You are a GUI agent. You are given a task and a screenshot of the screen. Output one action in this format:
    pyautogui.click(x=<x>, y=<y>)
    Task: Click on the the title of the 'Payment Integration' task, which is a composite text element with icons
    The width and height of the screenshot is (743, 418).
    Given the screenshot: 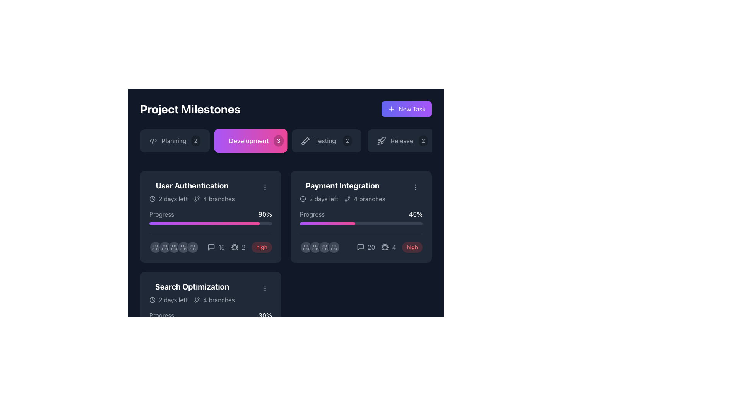 What is the action you would take?
    pyautogui.click(x=361, y=192)
    